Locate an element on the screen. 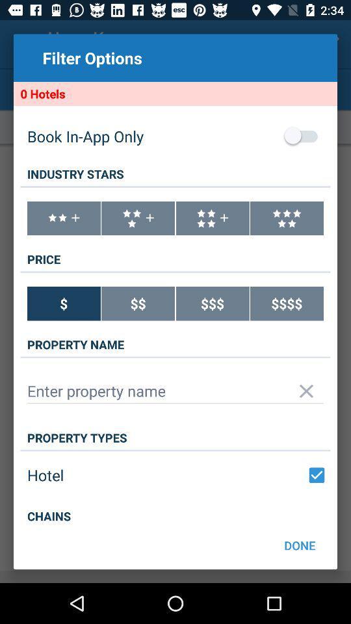  the sliders icon is located at coordinates (287, 233).